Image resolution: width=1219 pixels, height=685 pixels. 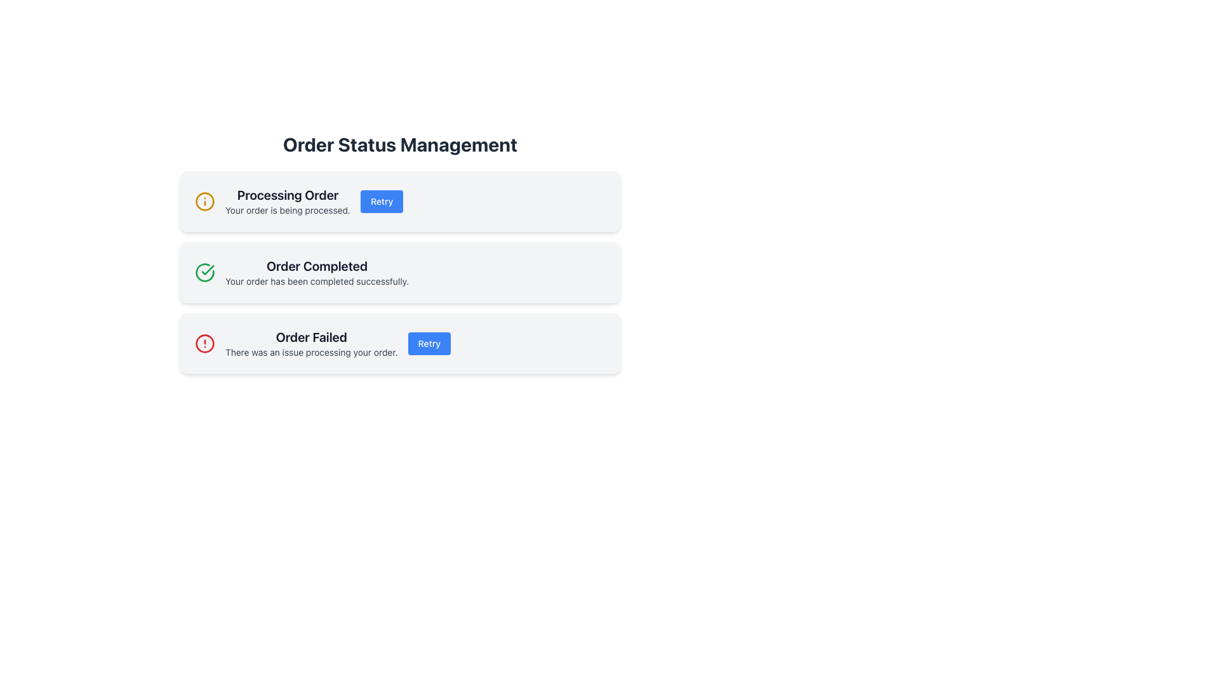 What do you see at coordinates (204, 200) in the screenshot?
I see `the circular information icon with a yellow border and white background located to the left of the 'Processing Order' header at the top of the status sections` at bounding box center [204, 200].